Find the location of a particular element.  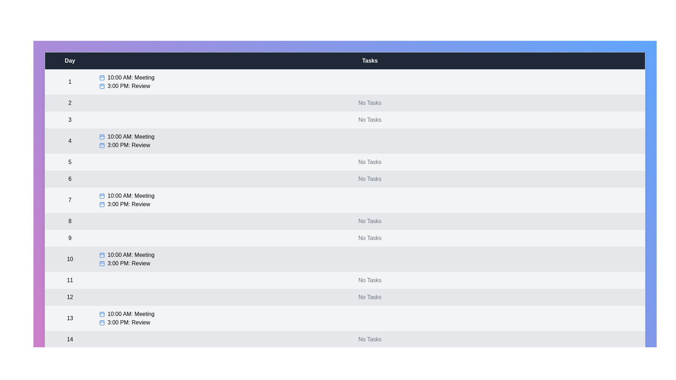

the calendar icon next to the task for day 1 is located at coordinates (101, 77).